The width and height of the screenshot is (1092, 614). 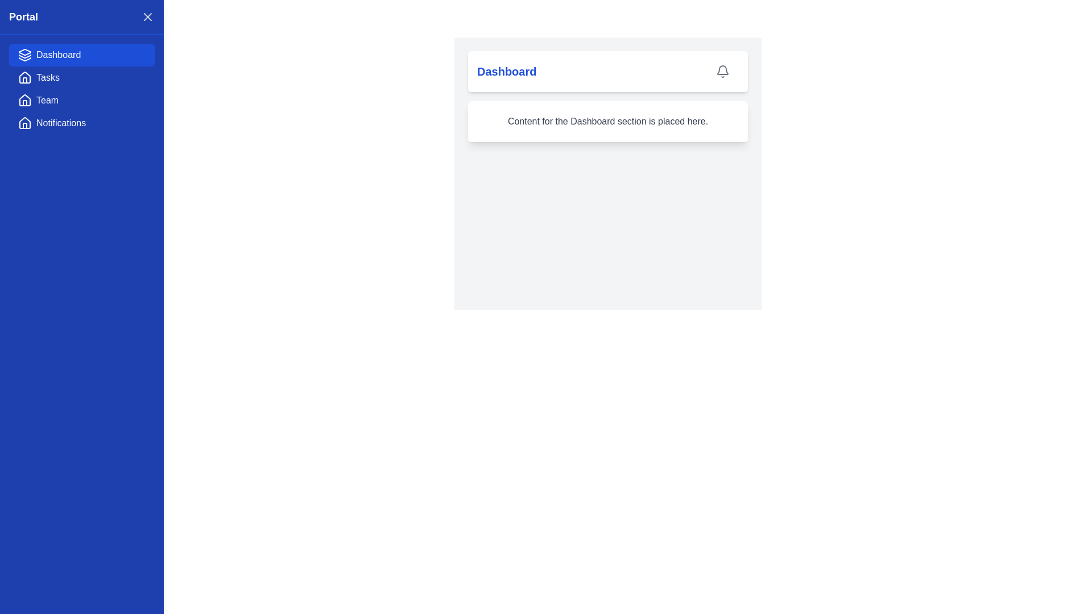 I want to click on text content of the bold label displaying 'Portal' in the top-left section of the sidebar, which has a blue background and white text, so click(x=23, y=17).